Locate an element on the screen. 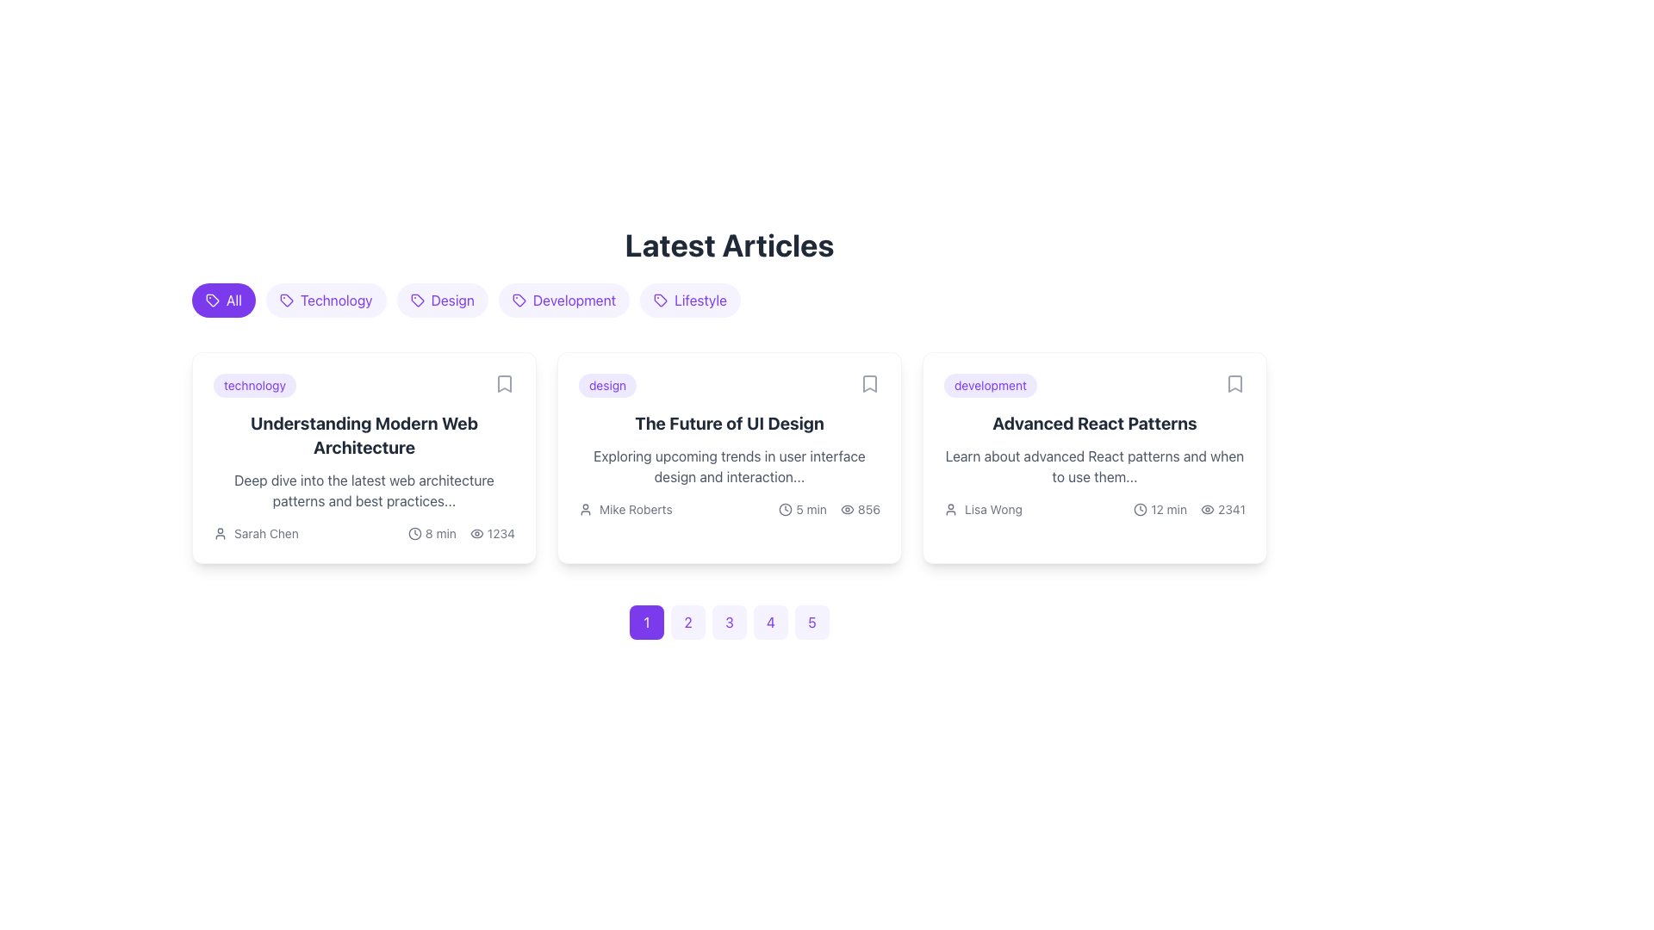 This screenshot has height=930, width=1654. one of the filter buttons in the horizontal list located just below the 'Latest Articles' title is located at coordinates (729, 303).